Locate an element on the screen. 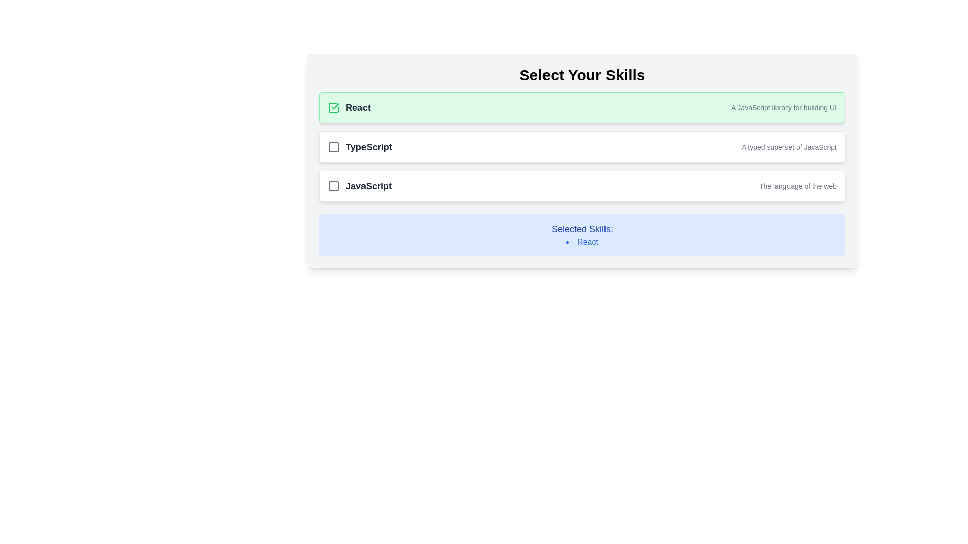 The image size is (968, 544). the Checkbox icon indicating the selection status of the 'JavaScript' skill for additional effects is located at coordinates (334, 186).